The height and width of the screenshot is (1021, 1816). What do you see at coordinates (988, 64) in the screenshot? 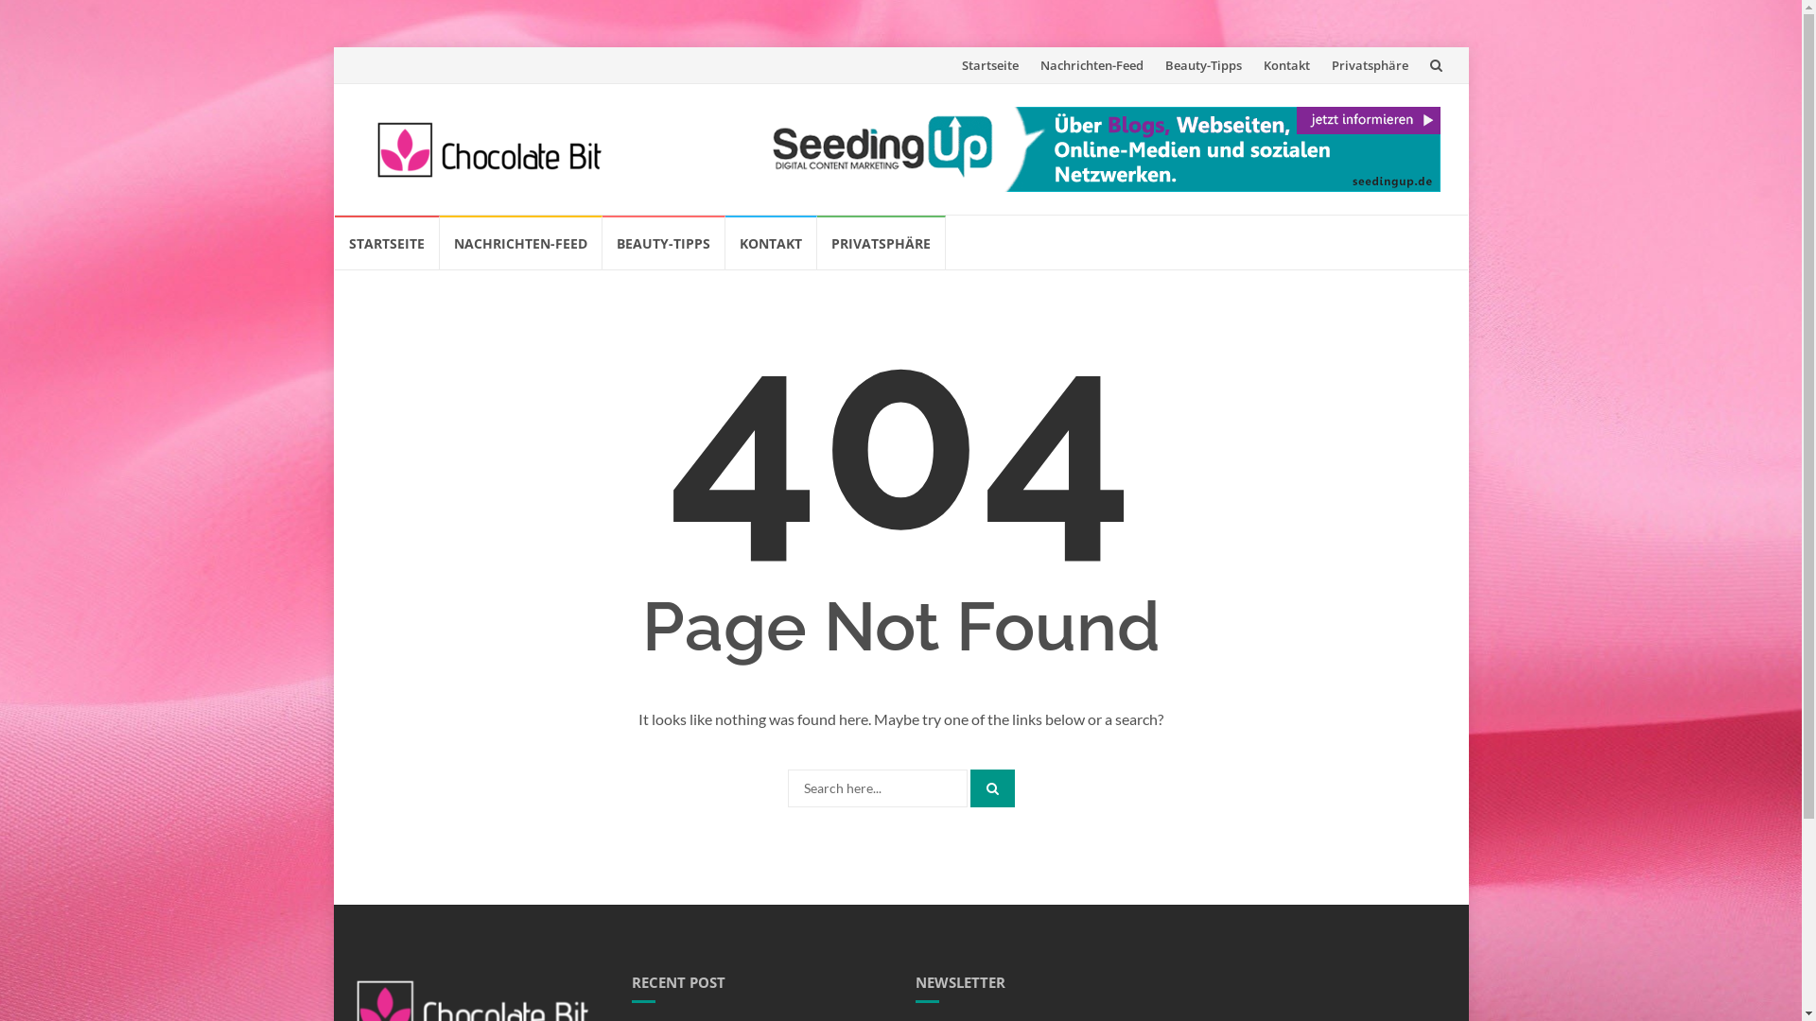
I see `'Startseite'` at bounding box center [988, 64].